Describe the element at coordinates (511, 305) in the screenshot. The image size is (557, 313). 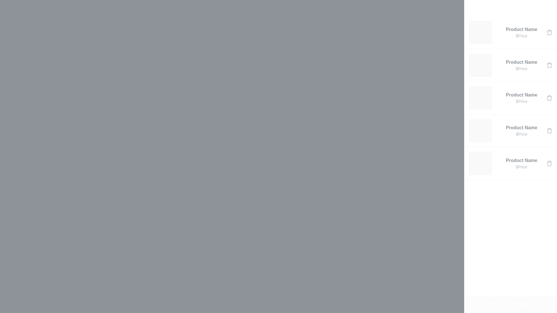
I see `the 'Continue to Checkout' button with keyboard focus using the keyboard navigation` at that location.